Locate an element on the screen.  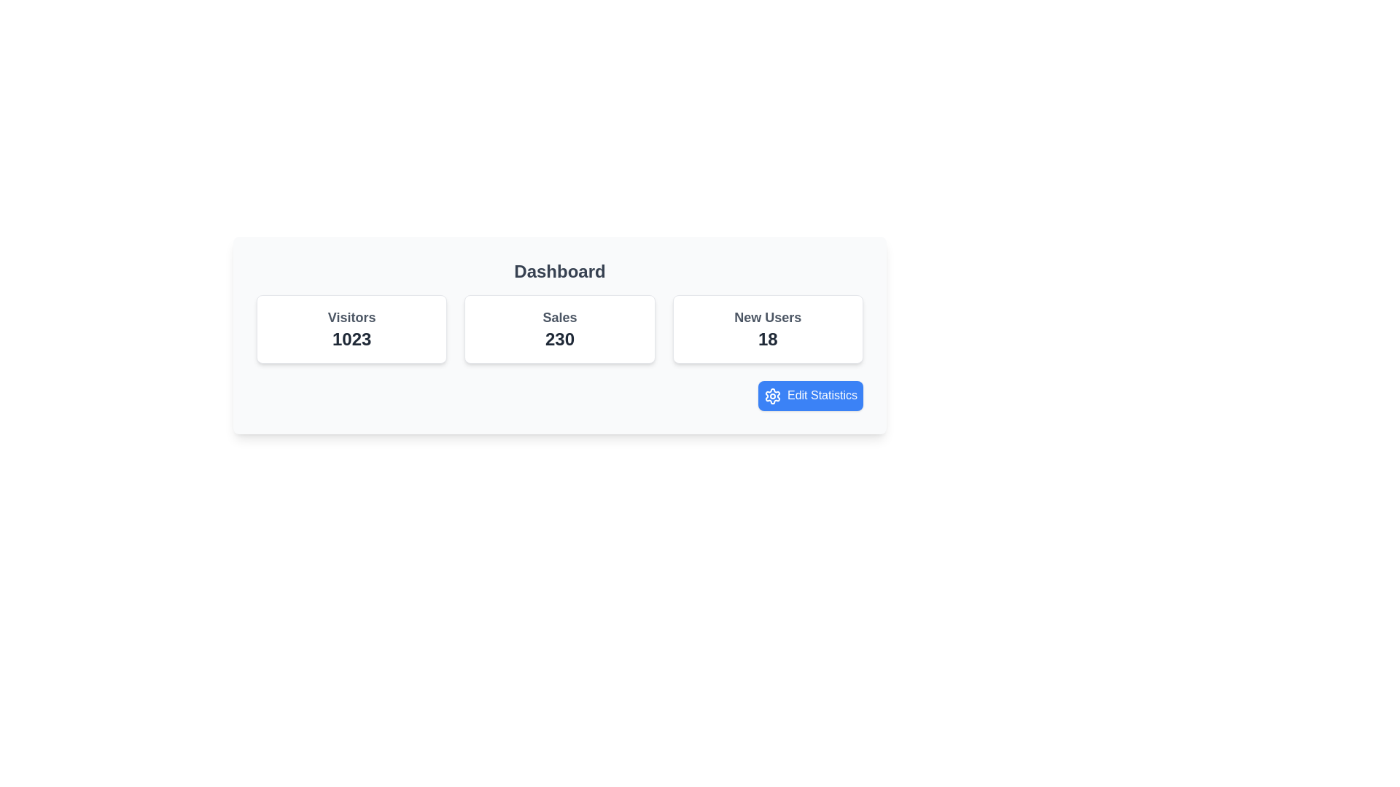
the Display Card that shows the number of new users ('18'), which is the third card in a row of three cards, positioned between the 'Sales' card and the 'Edit Statistics' button is located at coordinates (767, 329).